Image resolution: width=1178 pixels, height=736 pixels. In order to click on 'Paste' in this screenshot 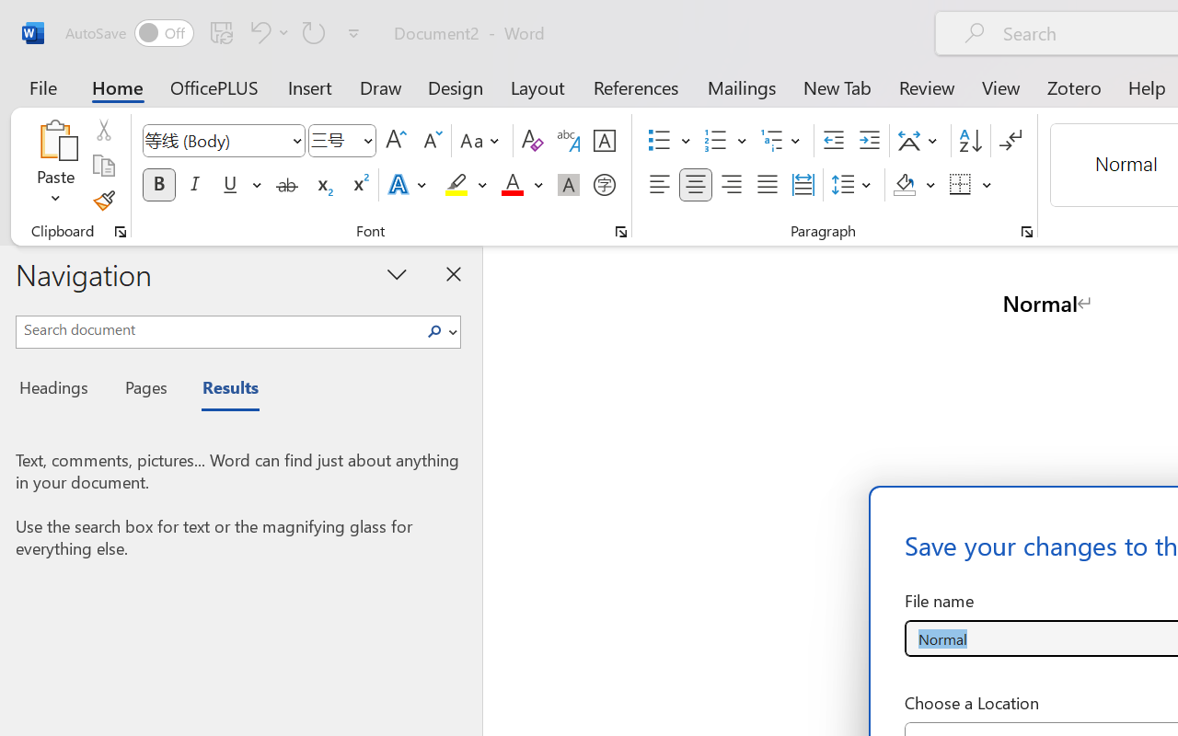, I will do `click(55, 165)`.